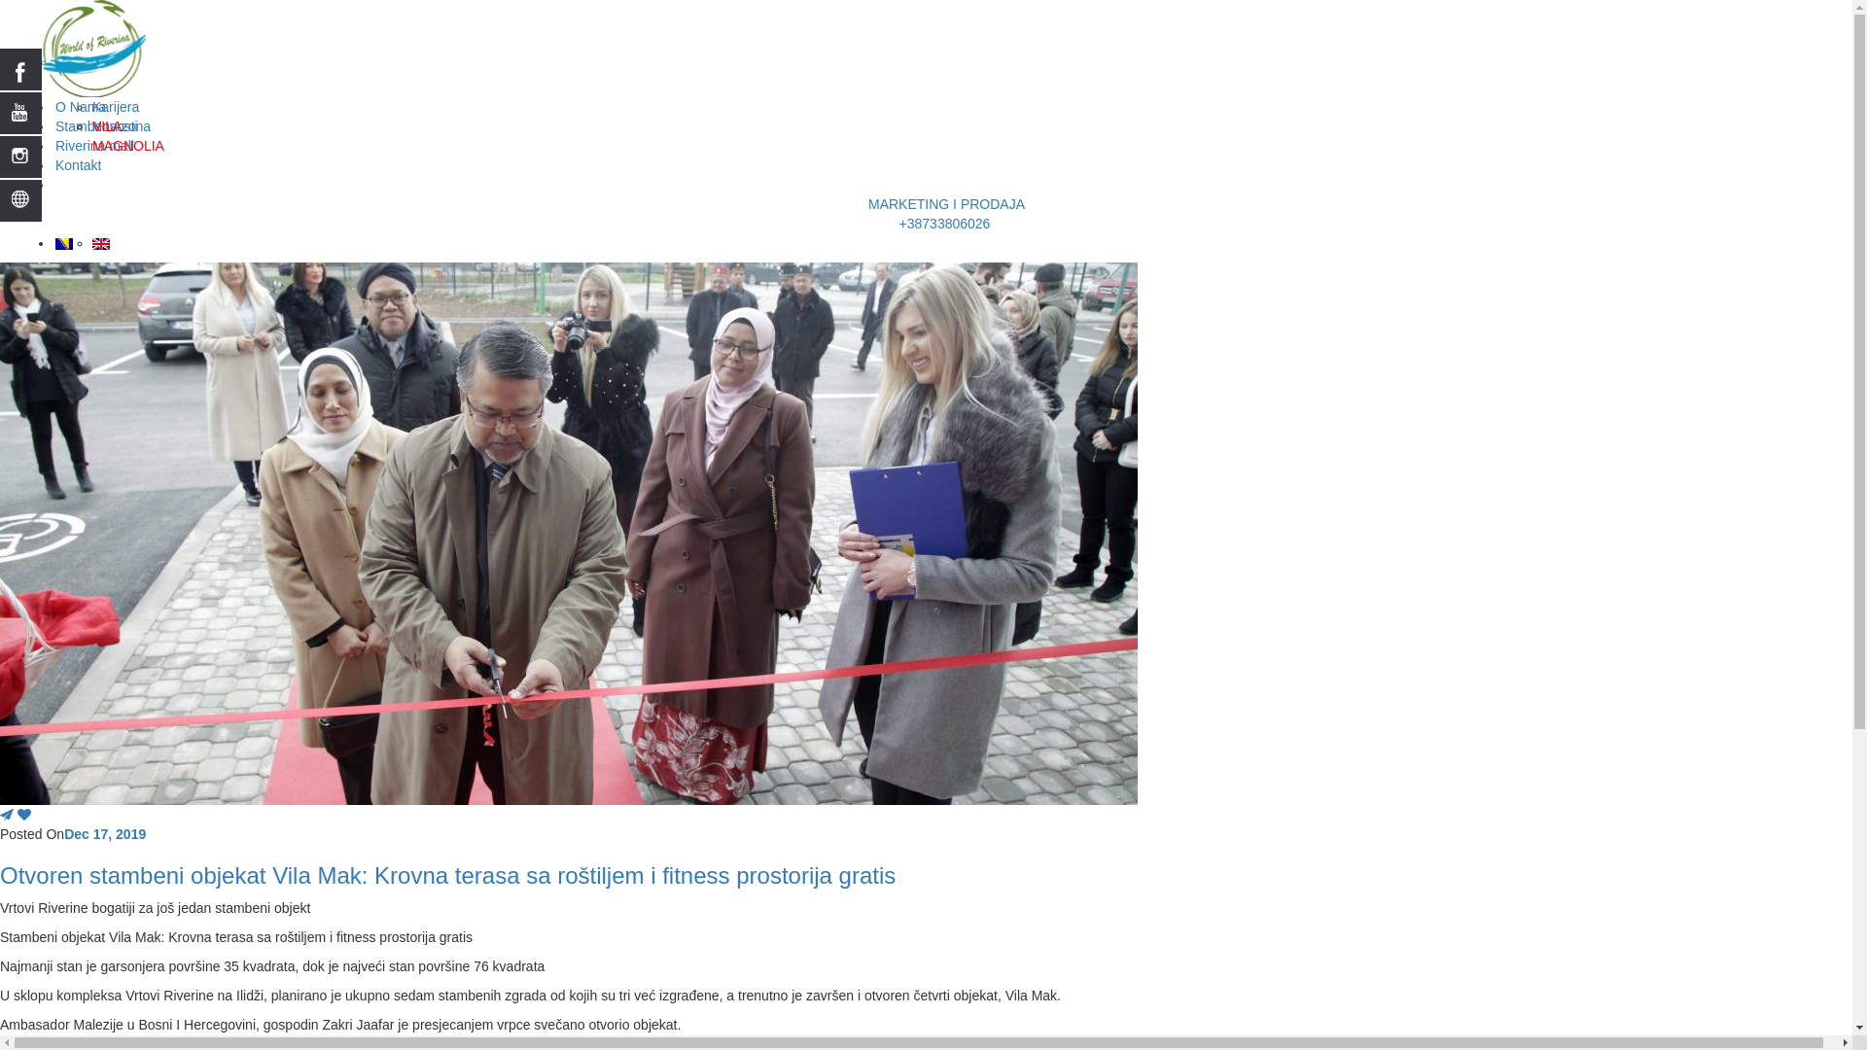  What do you see at coordinates (79, 107) in the screenshot?
I see `'O Nama'` at bounding box center [79, 107].